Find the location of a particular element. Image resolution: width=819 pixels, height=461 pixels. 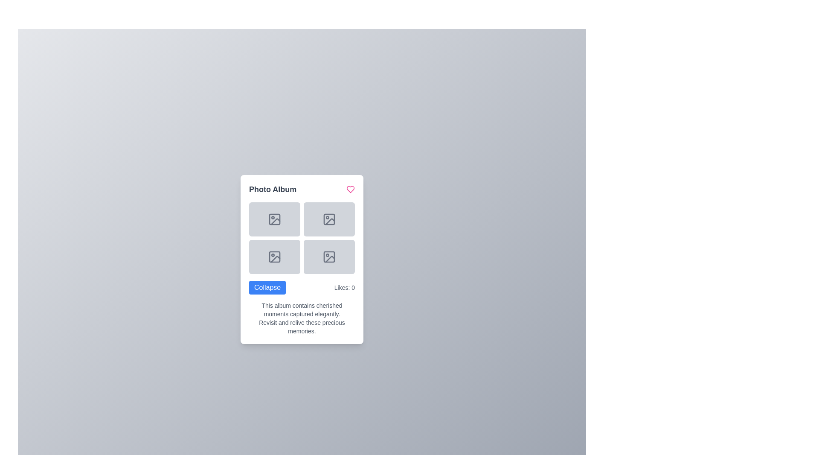

the image placeholder icon located in the bottom-right quarter of a 2x2 grid in the photo album display is located at coordinates (329, 256).